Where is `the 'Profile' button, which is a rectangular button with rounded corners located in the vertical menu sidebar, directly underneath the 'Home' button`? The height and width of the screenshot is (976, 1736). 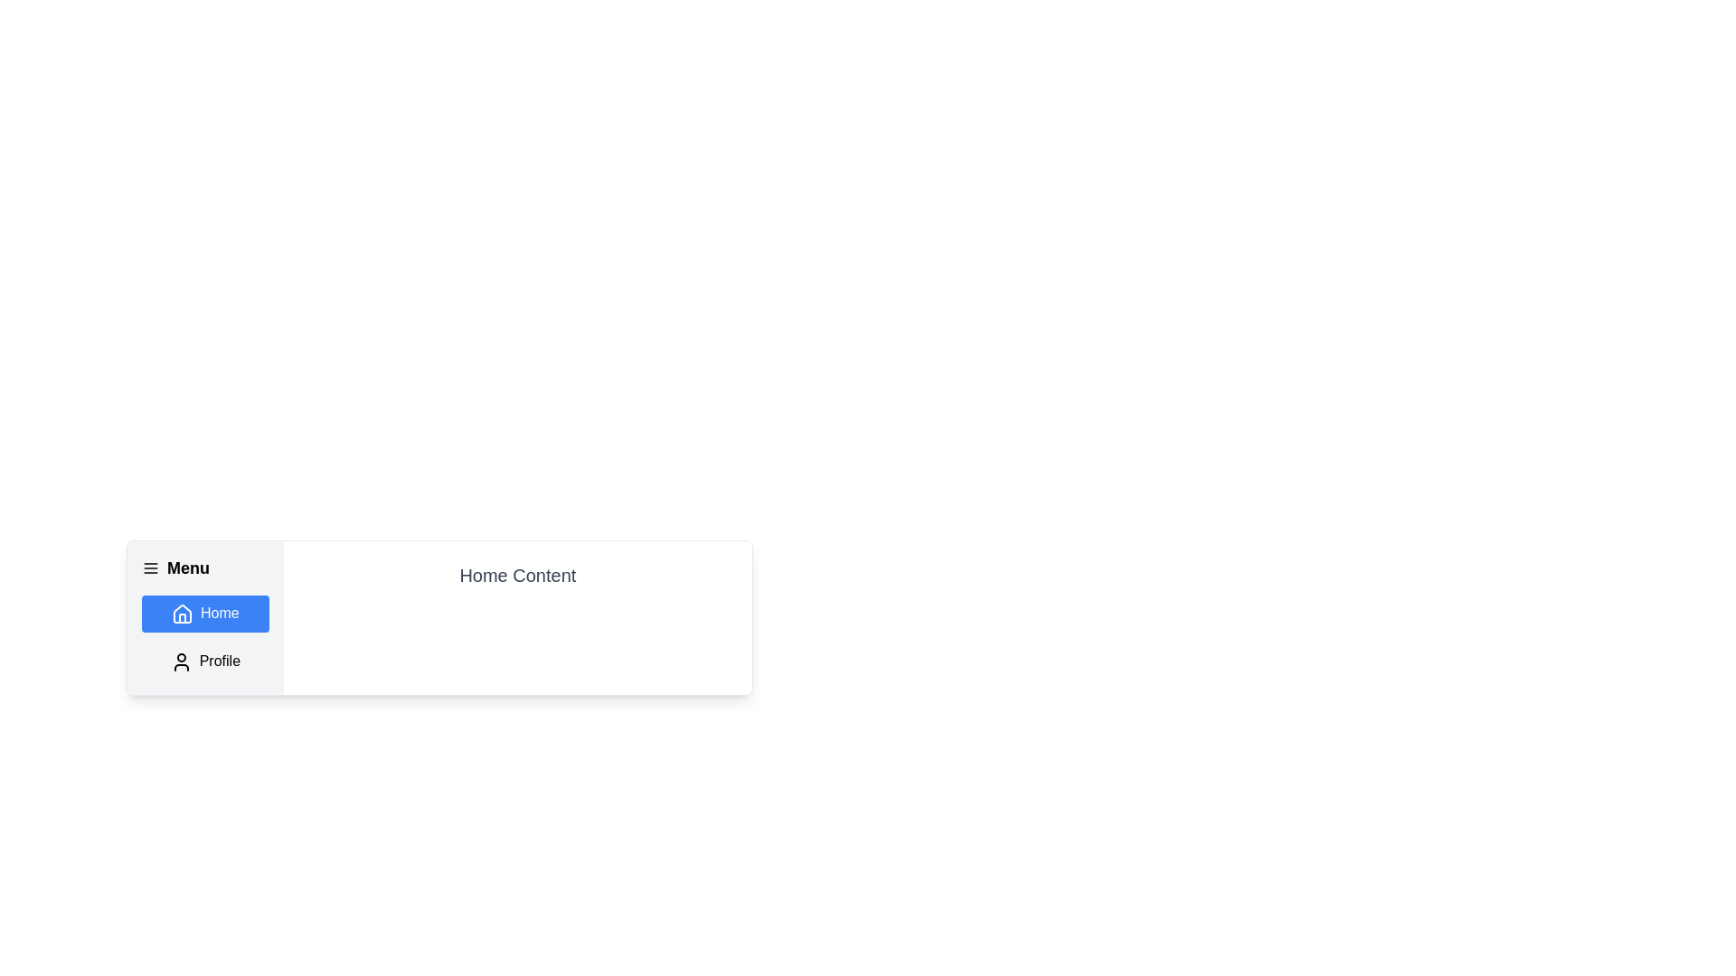
the 'Profile' button, which is a rectangular button with rounded corners located in the vertical menu sidebar, directly underneath the 'Home' button is located at coordinates (205, 662).